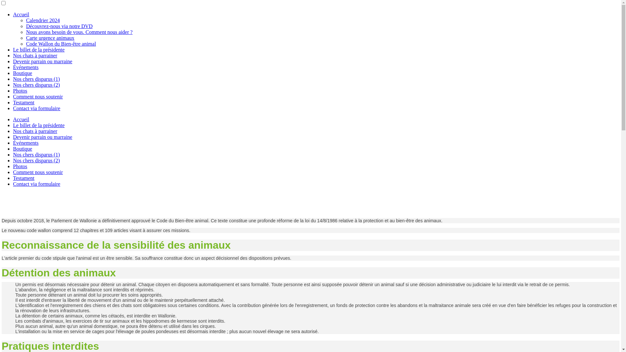 This screenshot has width=626, height=352. I want to click on 'Boutique', so click(22, 73).